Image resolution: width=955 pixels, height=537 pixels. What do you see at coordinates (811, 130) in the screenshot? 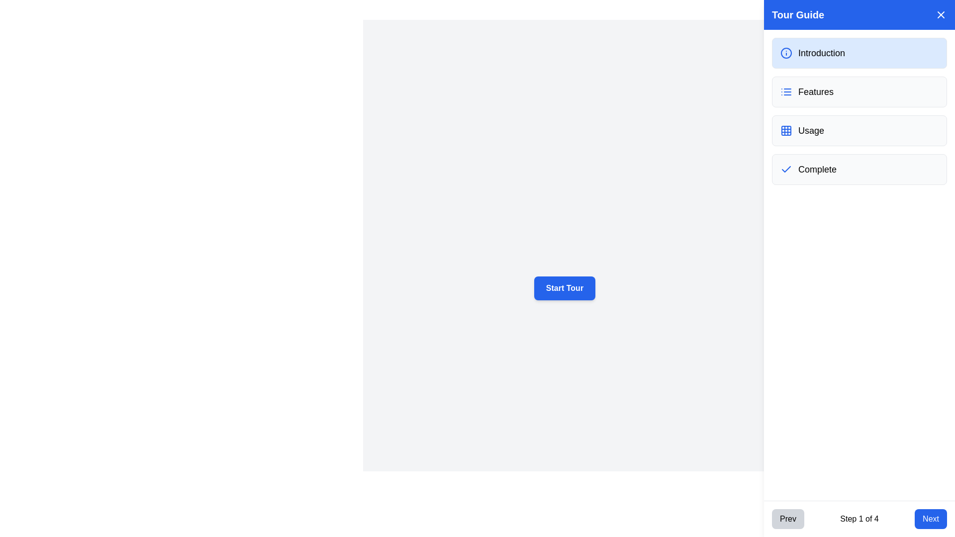
I see `the text label indicating 'Usage' in the menu, which is the third item following 'Introduction' and 'Features.'` at bounding box center [811, 130].